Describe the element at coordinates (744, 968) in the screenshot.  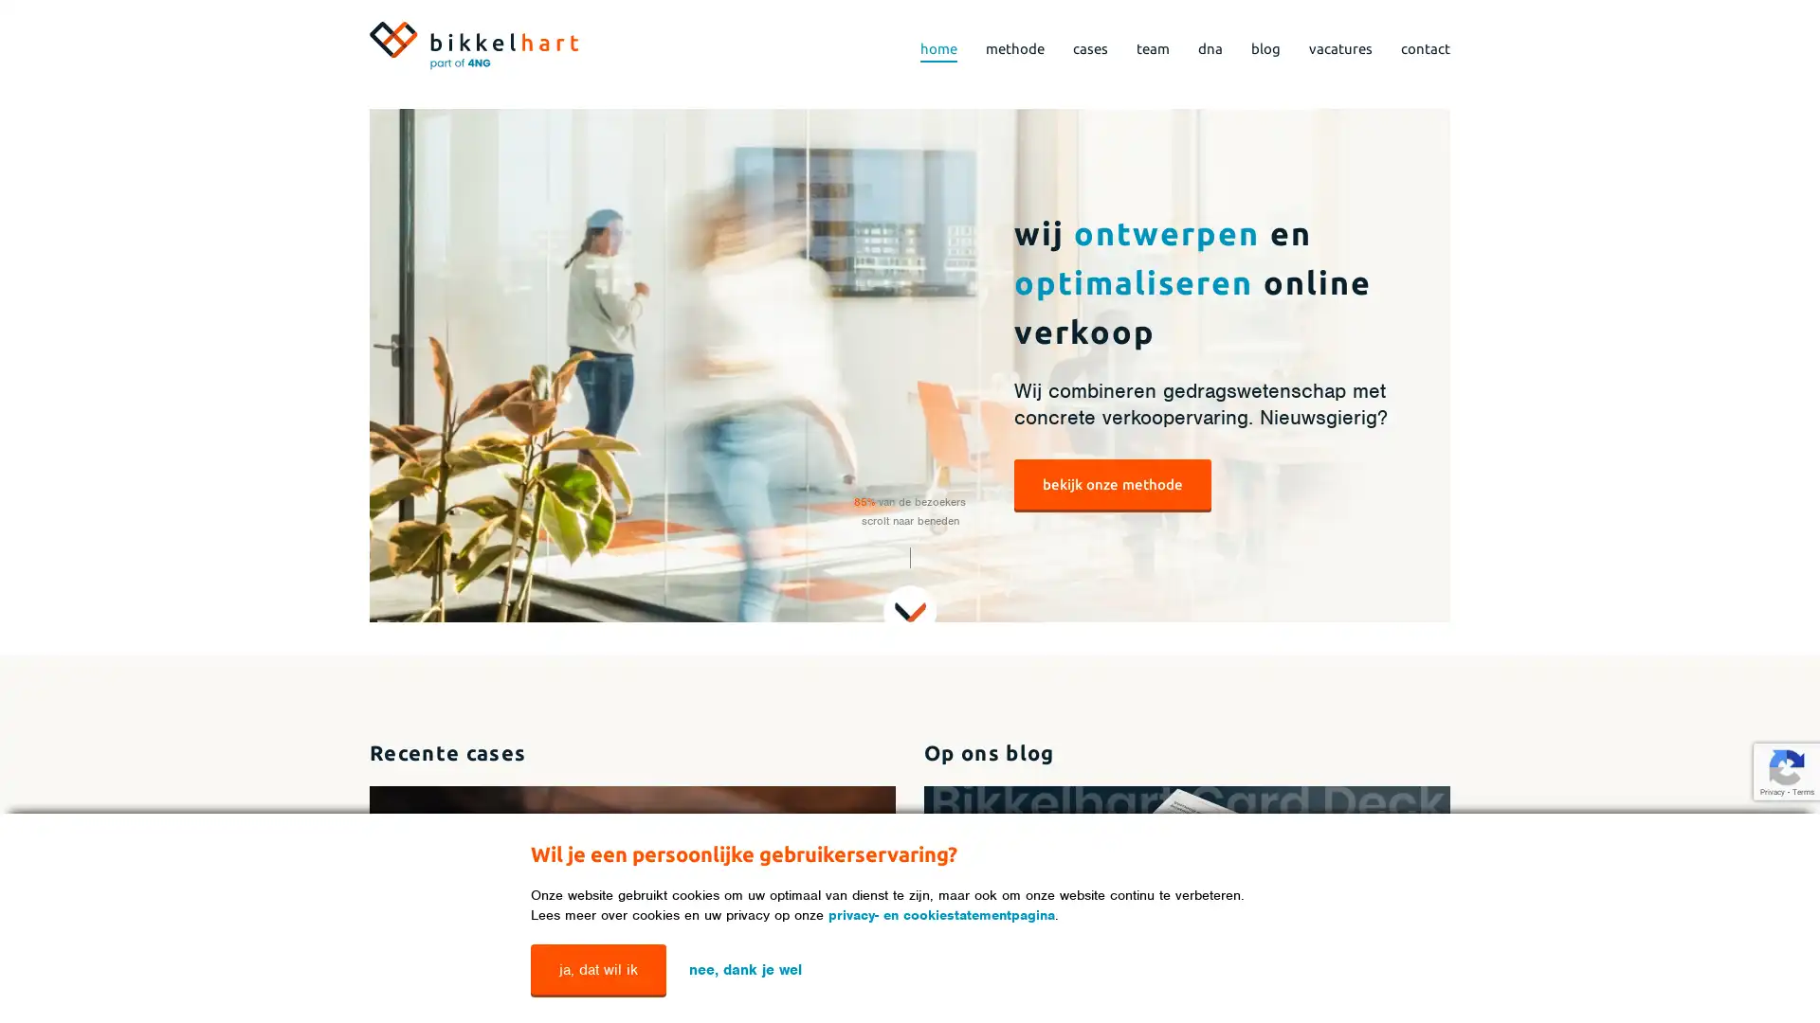
I see `nee, dank je wel` at that location.